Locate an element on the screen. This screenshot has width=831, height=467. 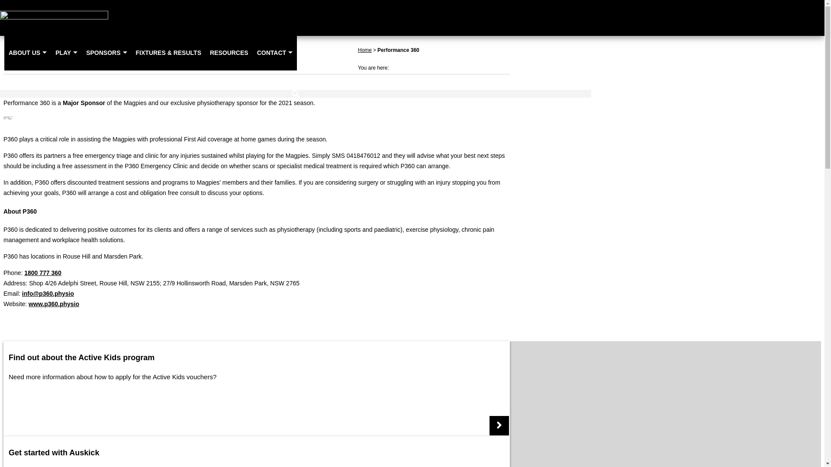
'Home' is located at coordinates (365, 50).